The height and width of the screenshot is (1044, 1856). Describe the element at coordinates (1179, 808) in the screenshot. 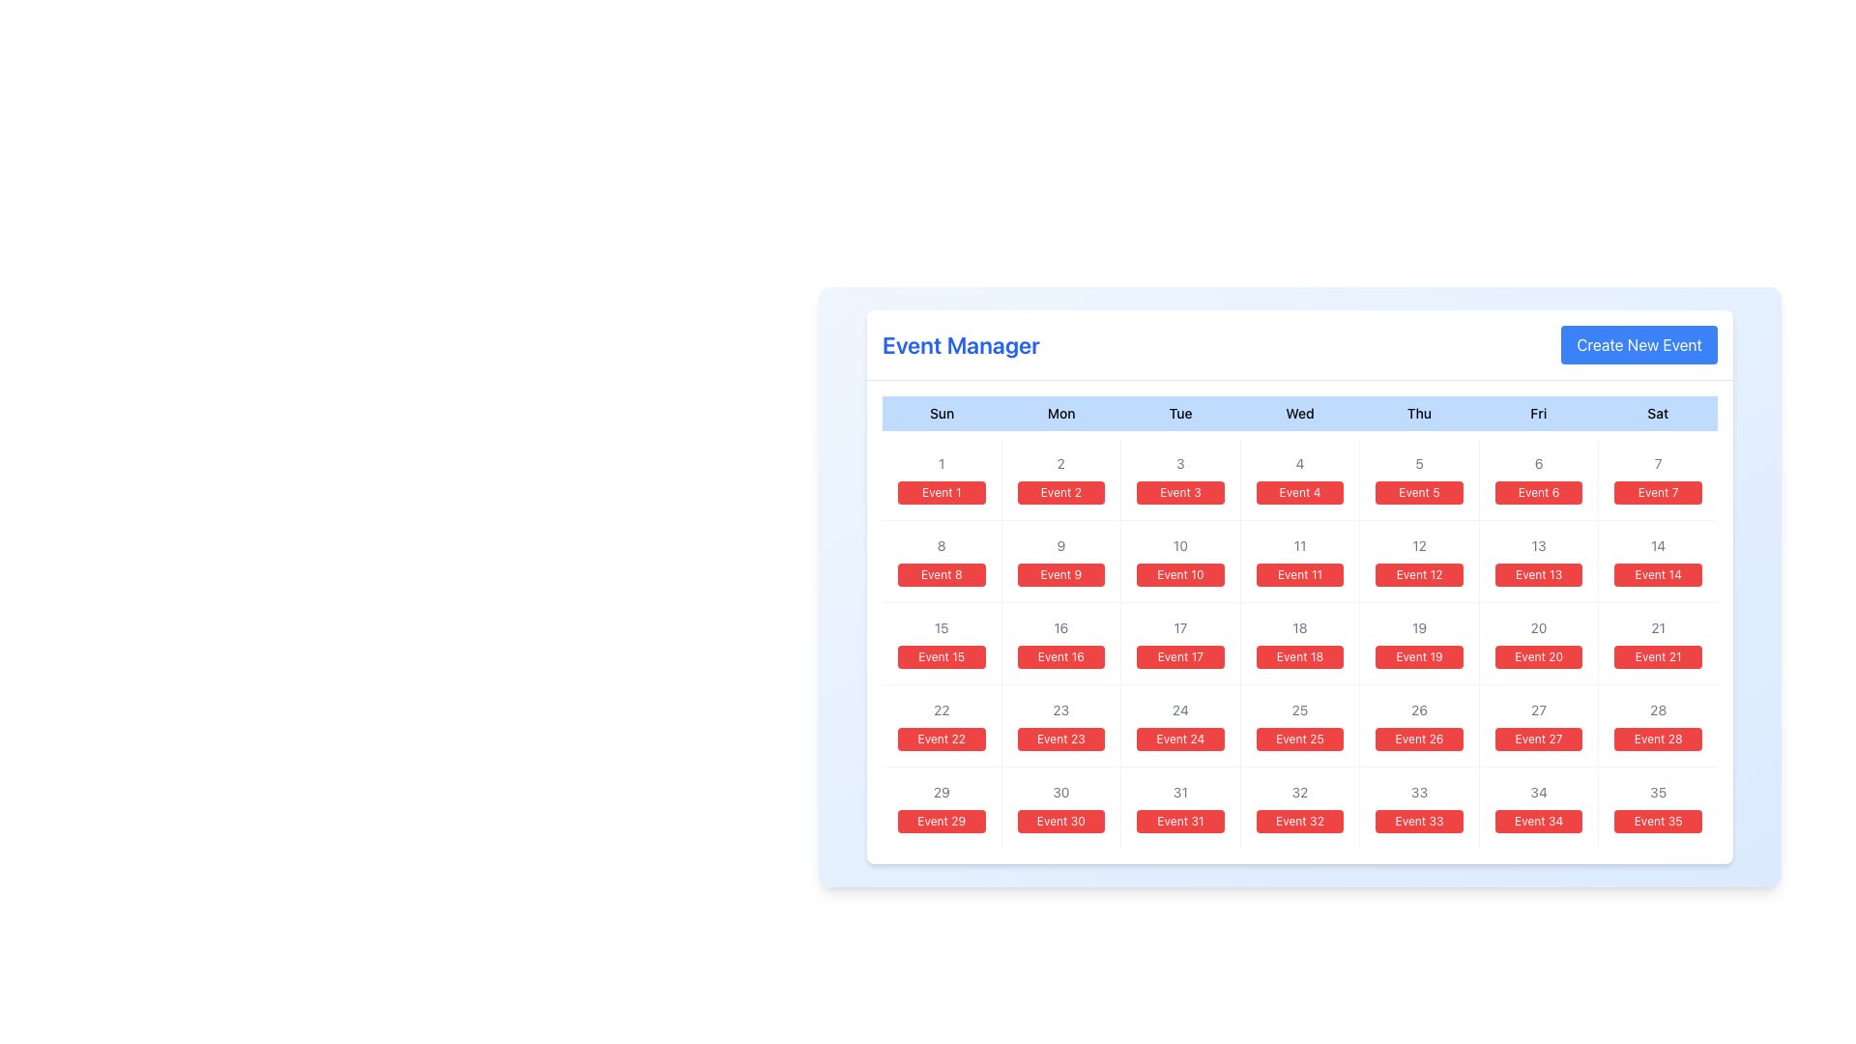

I see `the button labeled 'Event 31' with a white background and red section, located in the bottom row, fifth column under the 'Event Manager' header` at that location.